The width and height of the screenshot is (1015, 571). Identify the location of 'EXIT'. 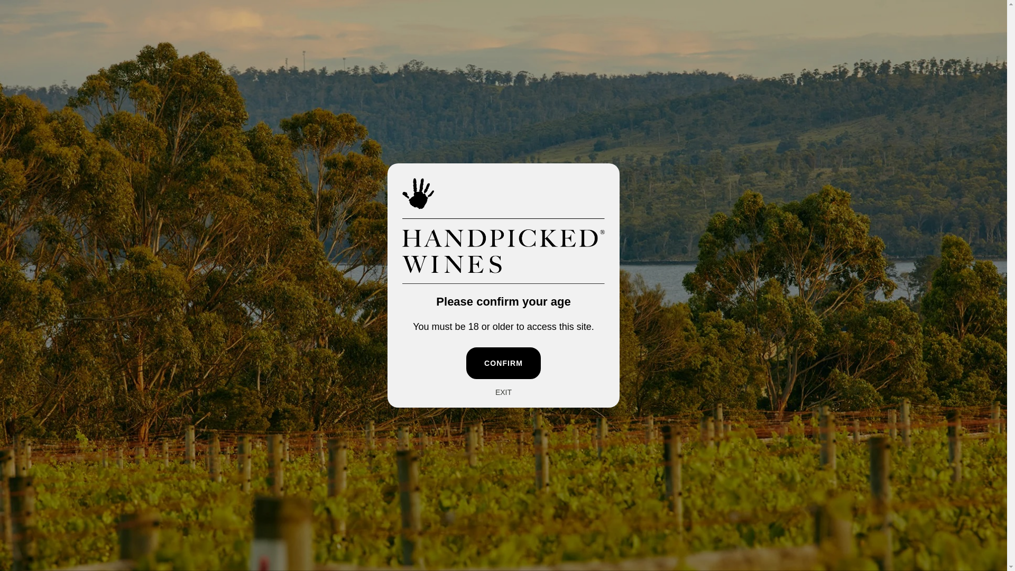
(503, 392).